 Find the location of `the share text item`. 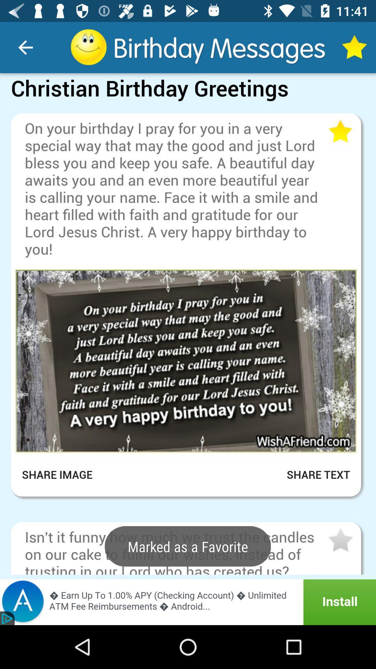

the share text item is located at coordinates (310, 474).